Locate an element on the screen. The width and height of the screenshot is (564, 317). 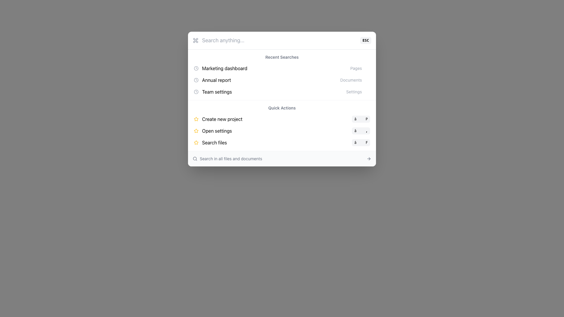
the right arrow SVG icon located at the far-right end of the lower section of the modal interface is located at coordinates (369, 158).